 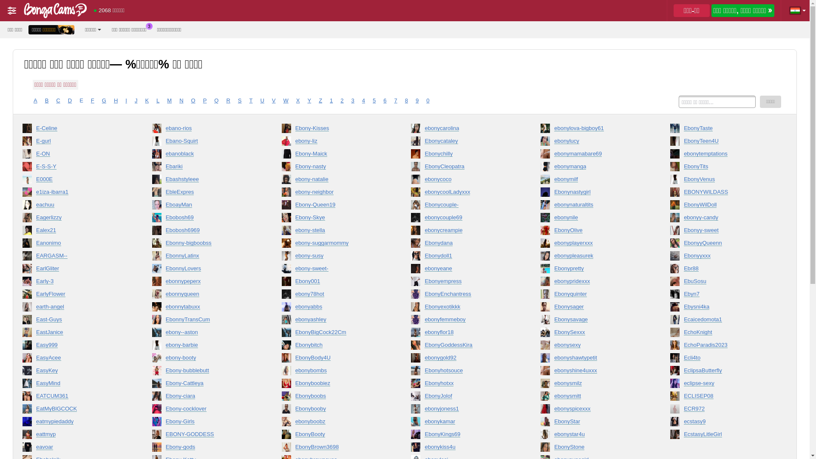 I want to click on 'U', so click(x=261, y=100).